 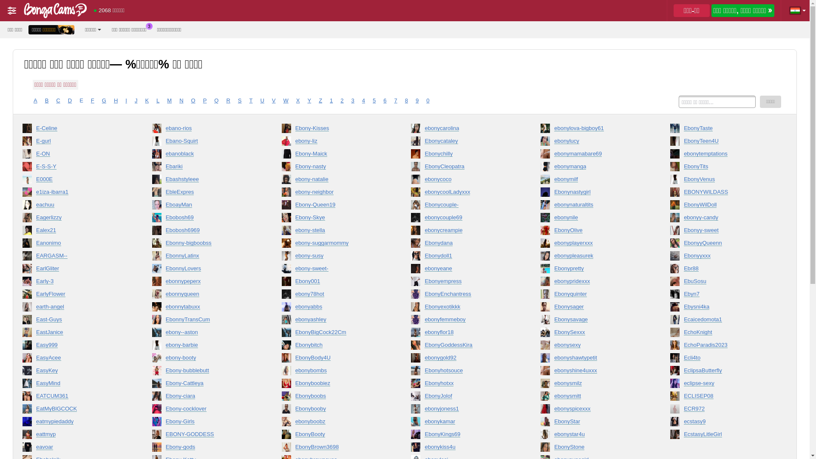 I want to click on 'U', so click(x=261, y=100).